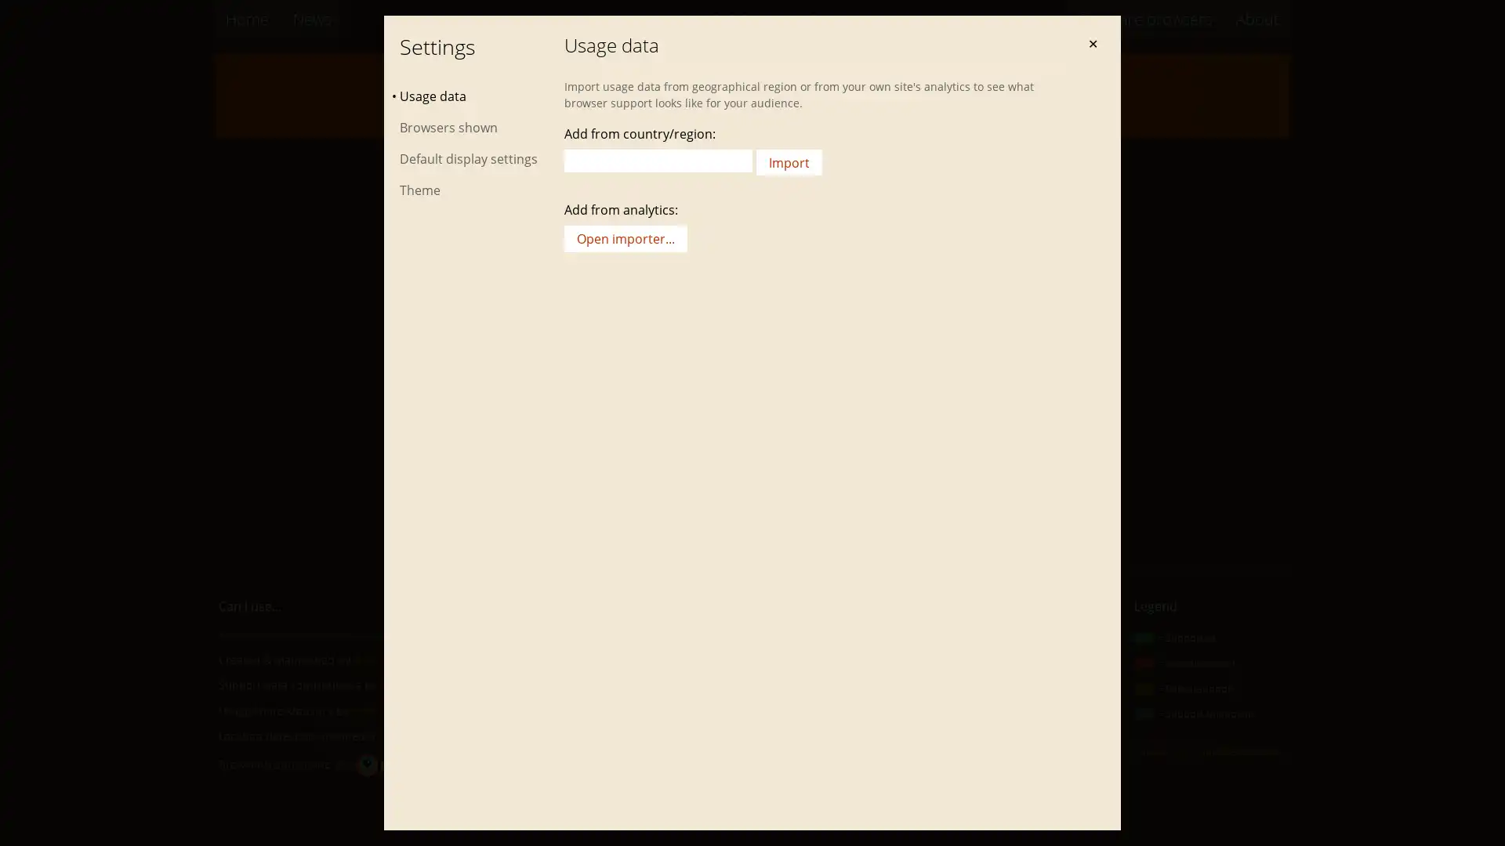 Image resolution: width=1505 pixels, height=846 pixels. What do you see at coordinates (789, 162) in the screenshot?
I see `Import` at bounding box center [789, 162].